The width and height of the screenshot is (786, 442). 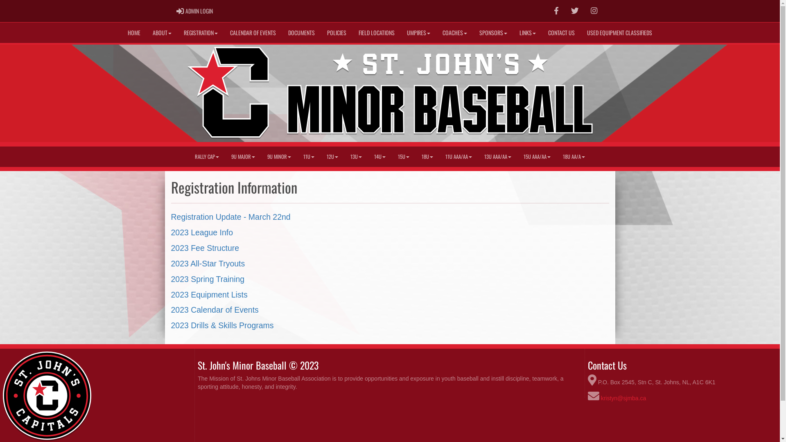 I want to click on '9U MINOR', so click(x=279, y=156).